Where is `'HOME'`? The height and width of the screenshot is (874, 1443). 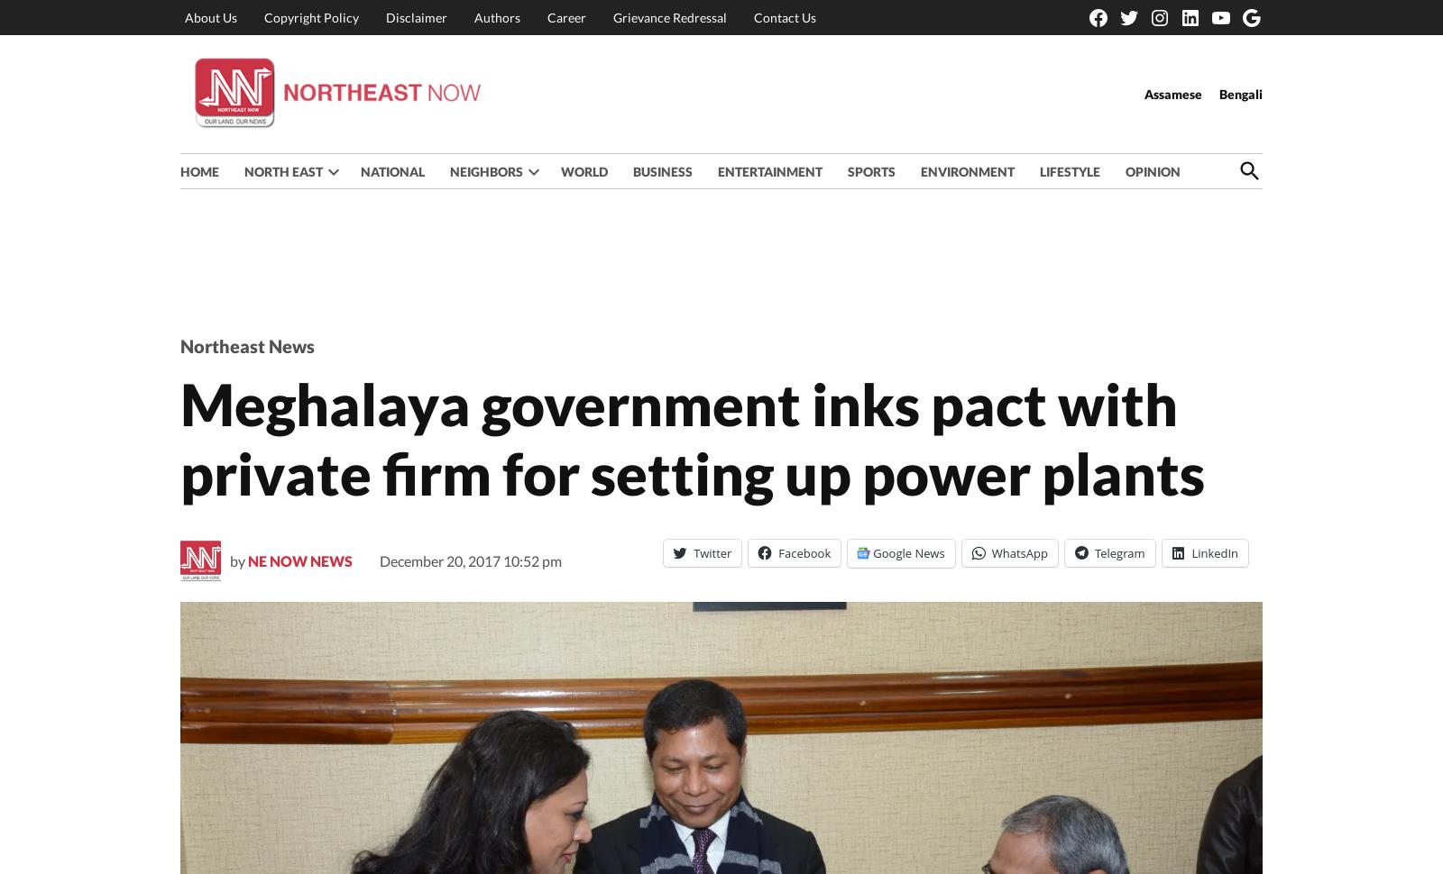 'HOME' is located at coordinates (179, 169).